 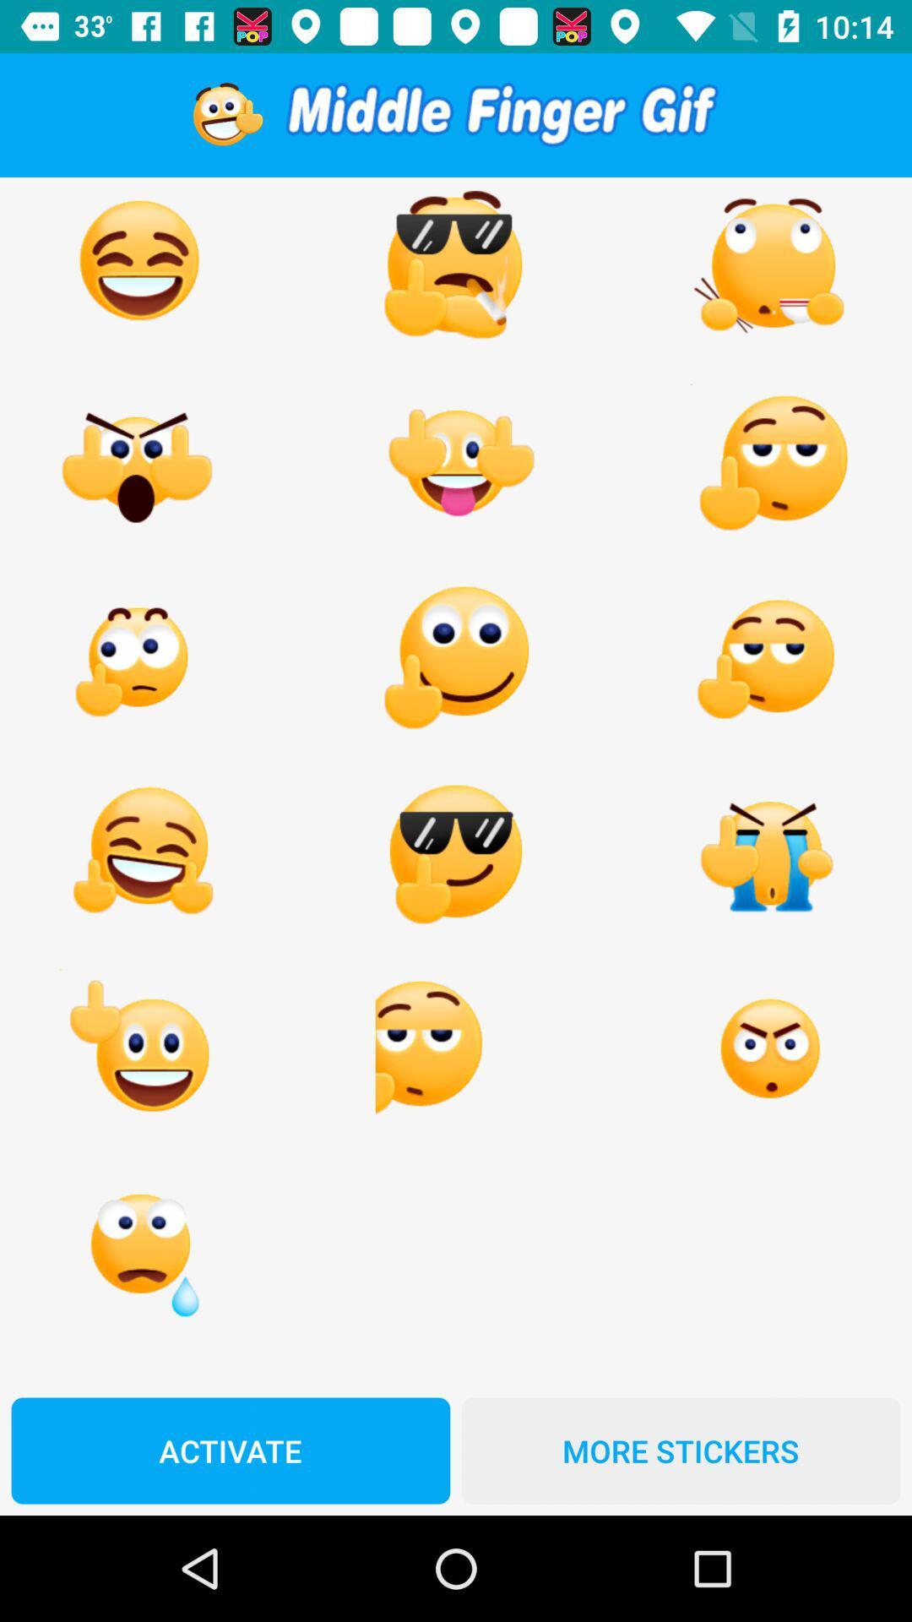 I want to click on first gif from second row, so click(x=138, y=464).